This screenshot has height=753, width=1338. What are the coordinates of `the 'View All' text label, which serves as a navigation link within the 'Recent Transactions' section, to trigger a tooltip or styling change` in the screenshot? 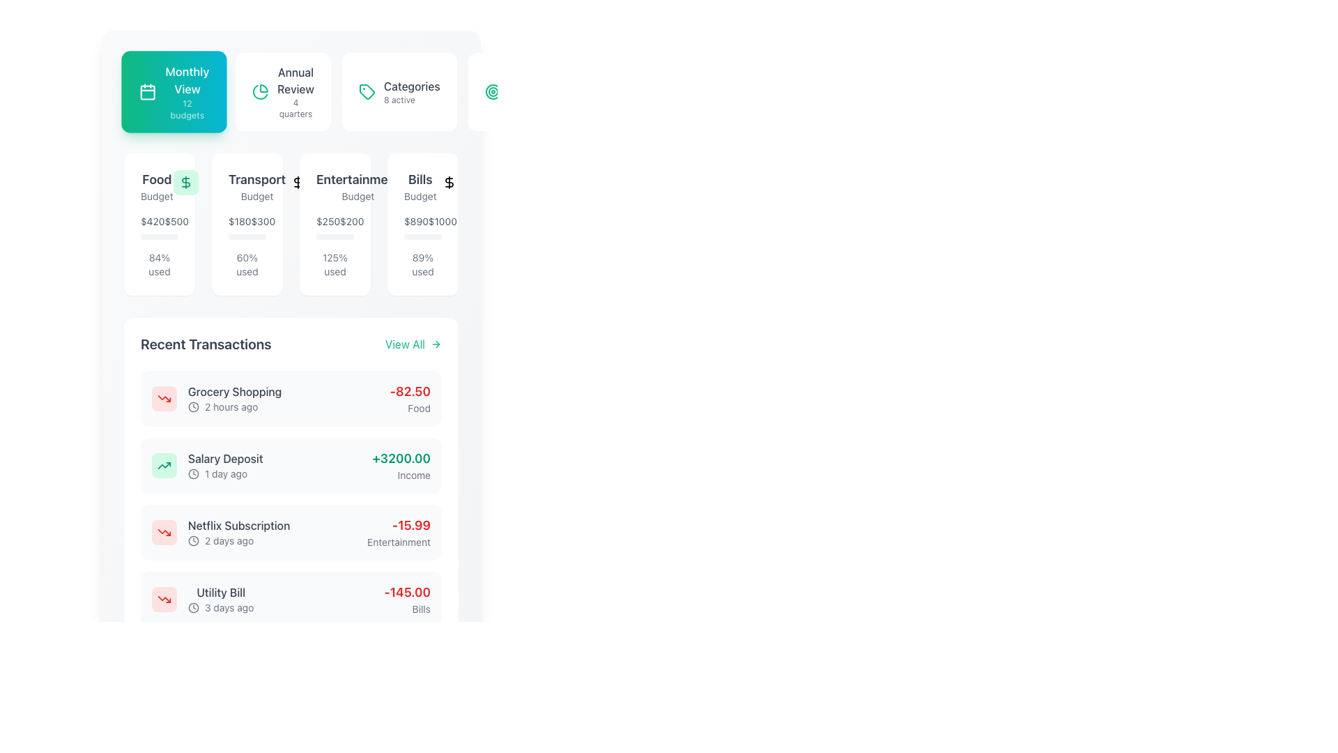 It's located at (404, 344).